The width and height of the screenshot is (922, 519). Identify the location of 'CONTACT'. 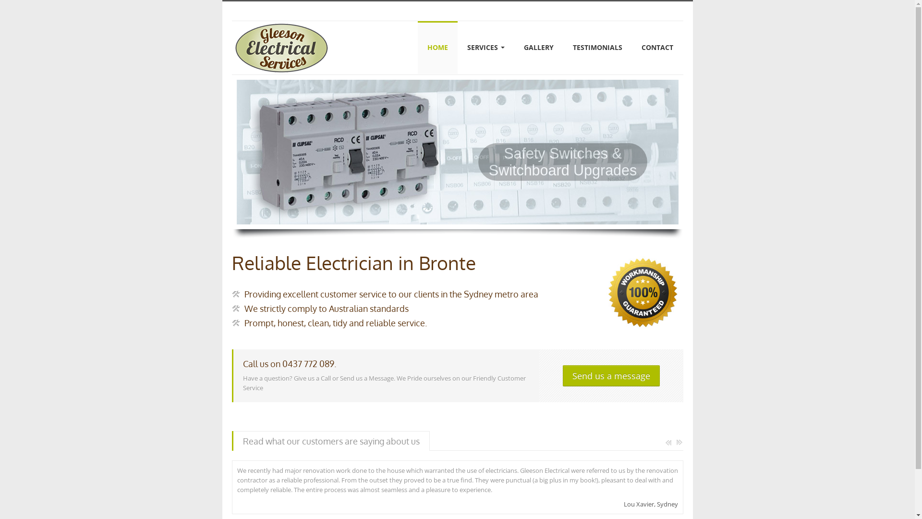
(631, 48).